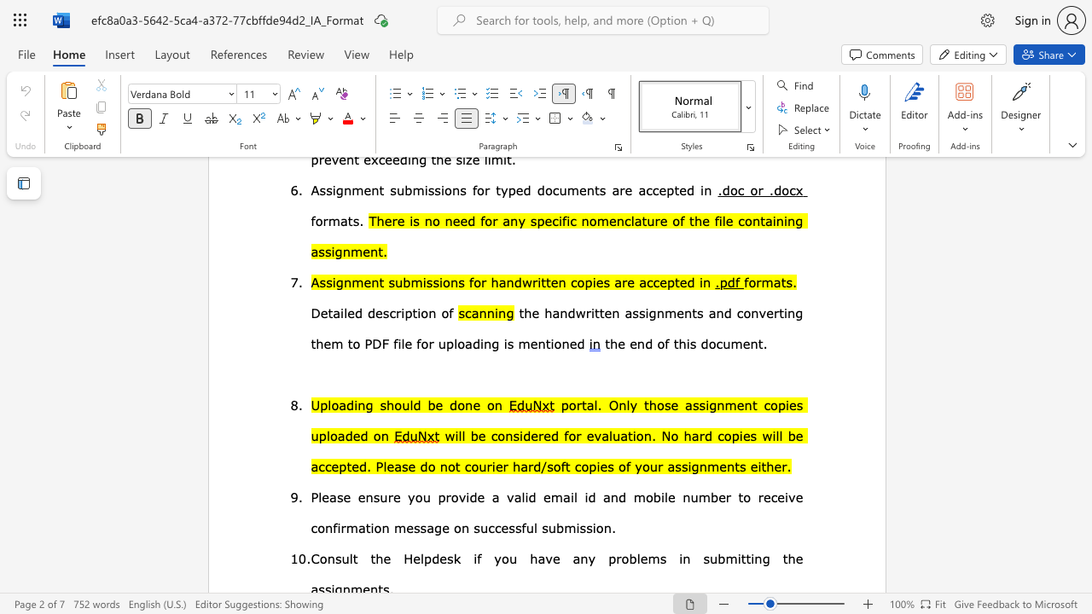  Describe the element at coordinates (386, 404) in the screenshot. I see `the subset text "hould be done" within the text "Uploading should be done on"` at that location.